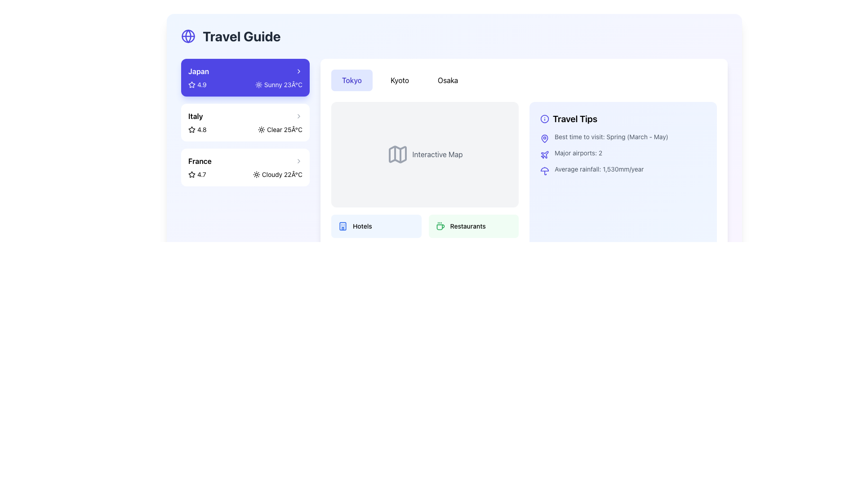 This screenshot has width=863, height=485. What do you see at coordinates (201, 130) in the screenshot?
I see `the text label displaying the rating for the 'Italy' destination in the travel guide interface, which is located in the middle of the 'Italy' section and aligned with a star icon and weather detail` at bounding box center [201, 130].